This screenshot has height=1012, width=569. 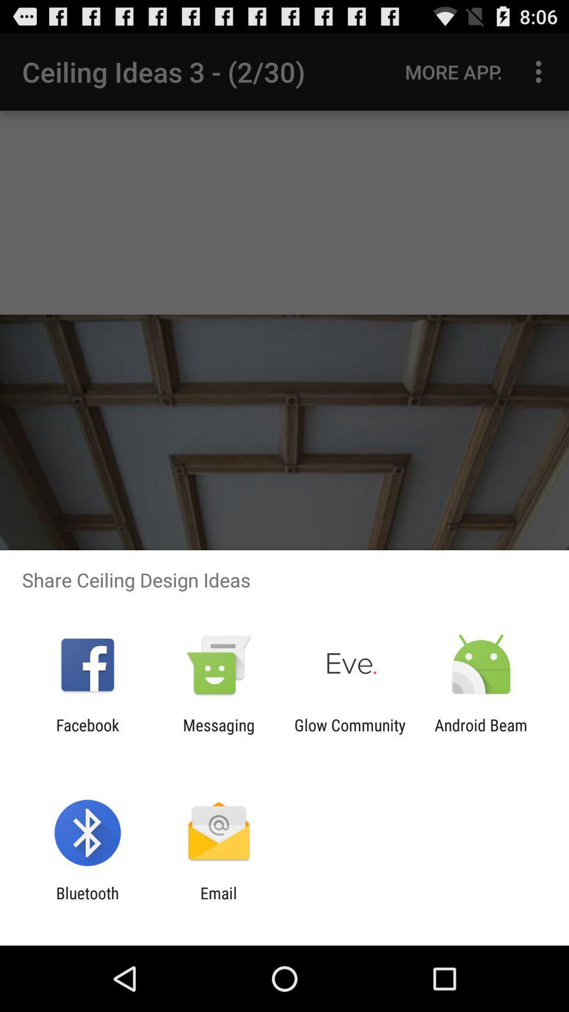 I want to click on the icon next to email, so click(x=87, y=902).